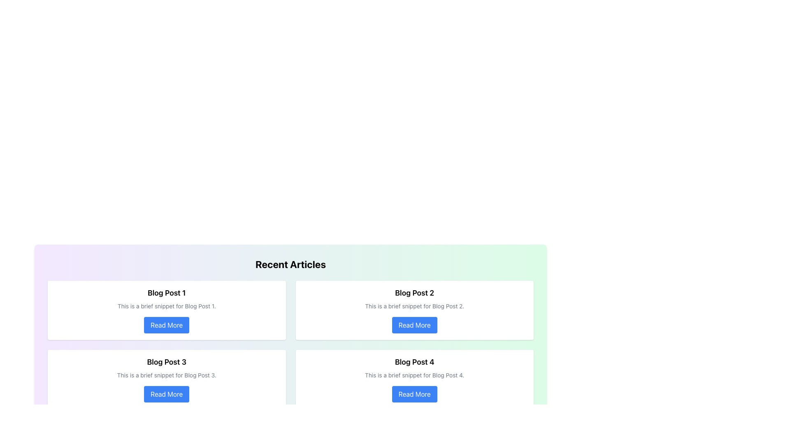 This screenshot has width=790, height=444. I want to click on the button located at the bottom-right section of the grid layout that navigates to the detailed page for 'Blog Post 4', so click(414, 394).